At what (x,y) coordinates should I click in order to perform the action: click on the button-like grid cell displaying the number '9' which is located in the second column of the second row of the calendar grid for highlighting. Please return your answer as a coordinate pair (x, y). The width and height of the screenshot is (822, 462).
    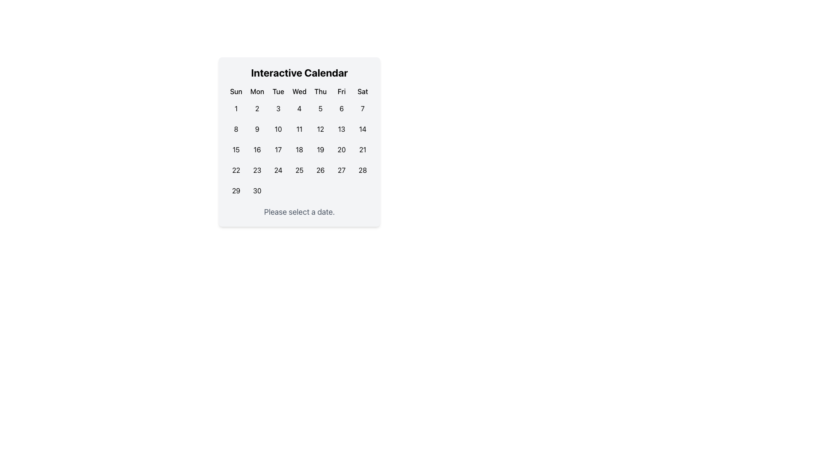
    Looking at the image, I should click on (256, 129).